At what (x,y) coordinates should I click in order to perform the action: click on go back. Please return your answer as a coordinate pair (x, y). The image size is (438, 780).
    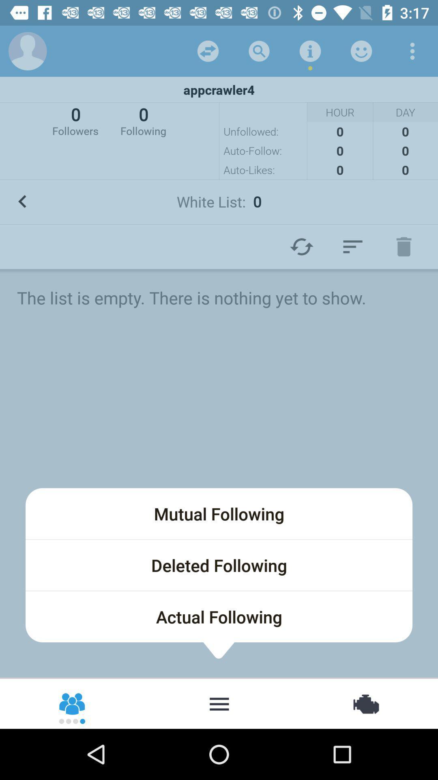
    Looking at the image, I should click on (22, 201).